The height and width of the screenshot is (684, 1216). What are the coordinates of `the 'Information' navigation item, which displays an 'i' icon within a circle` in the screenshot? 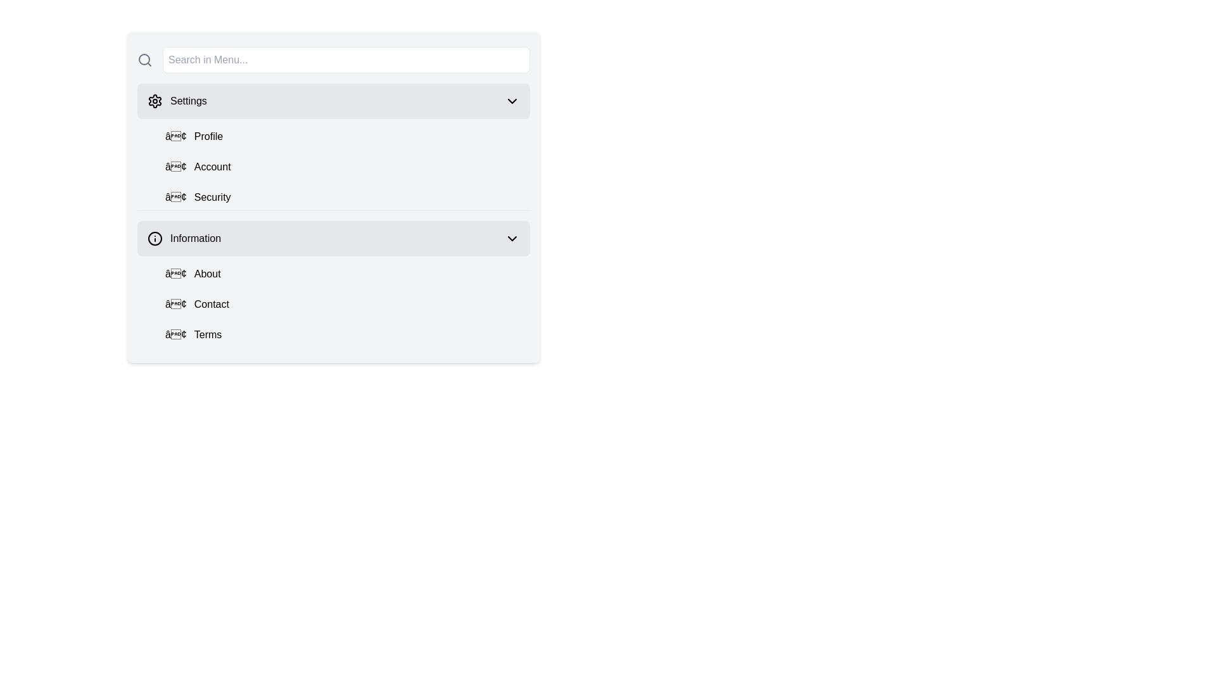 It's located at (184, 239).